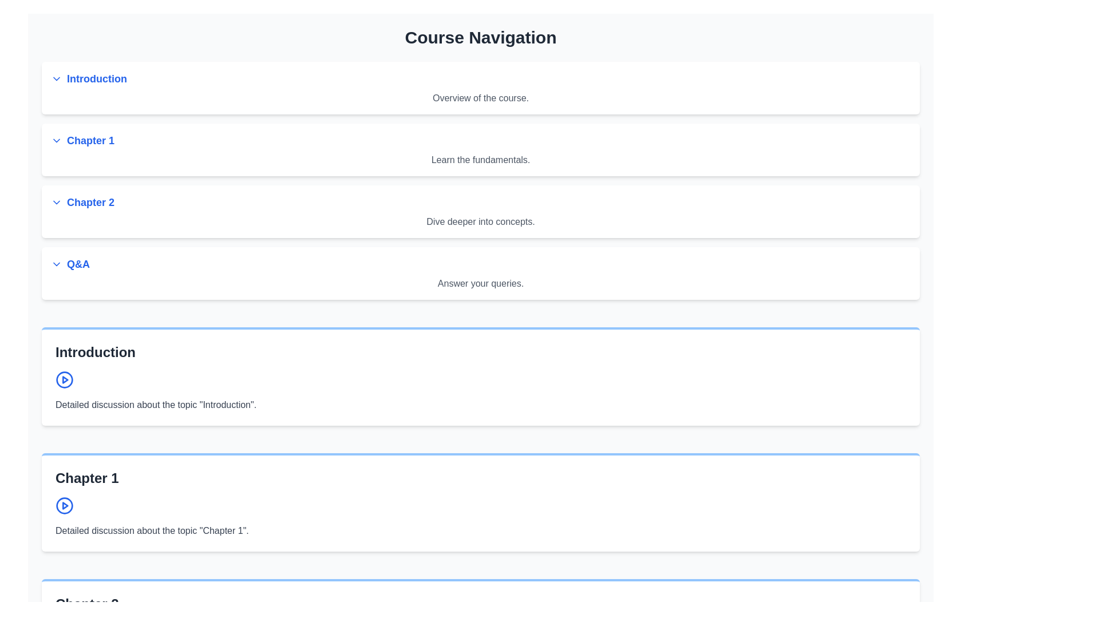 This screenshot has width=1099, height=618. I want to click on the second play icon located below the 'Introduction' section and above 'Chapter 2', so click(64, 505).